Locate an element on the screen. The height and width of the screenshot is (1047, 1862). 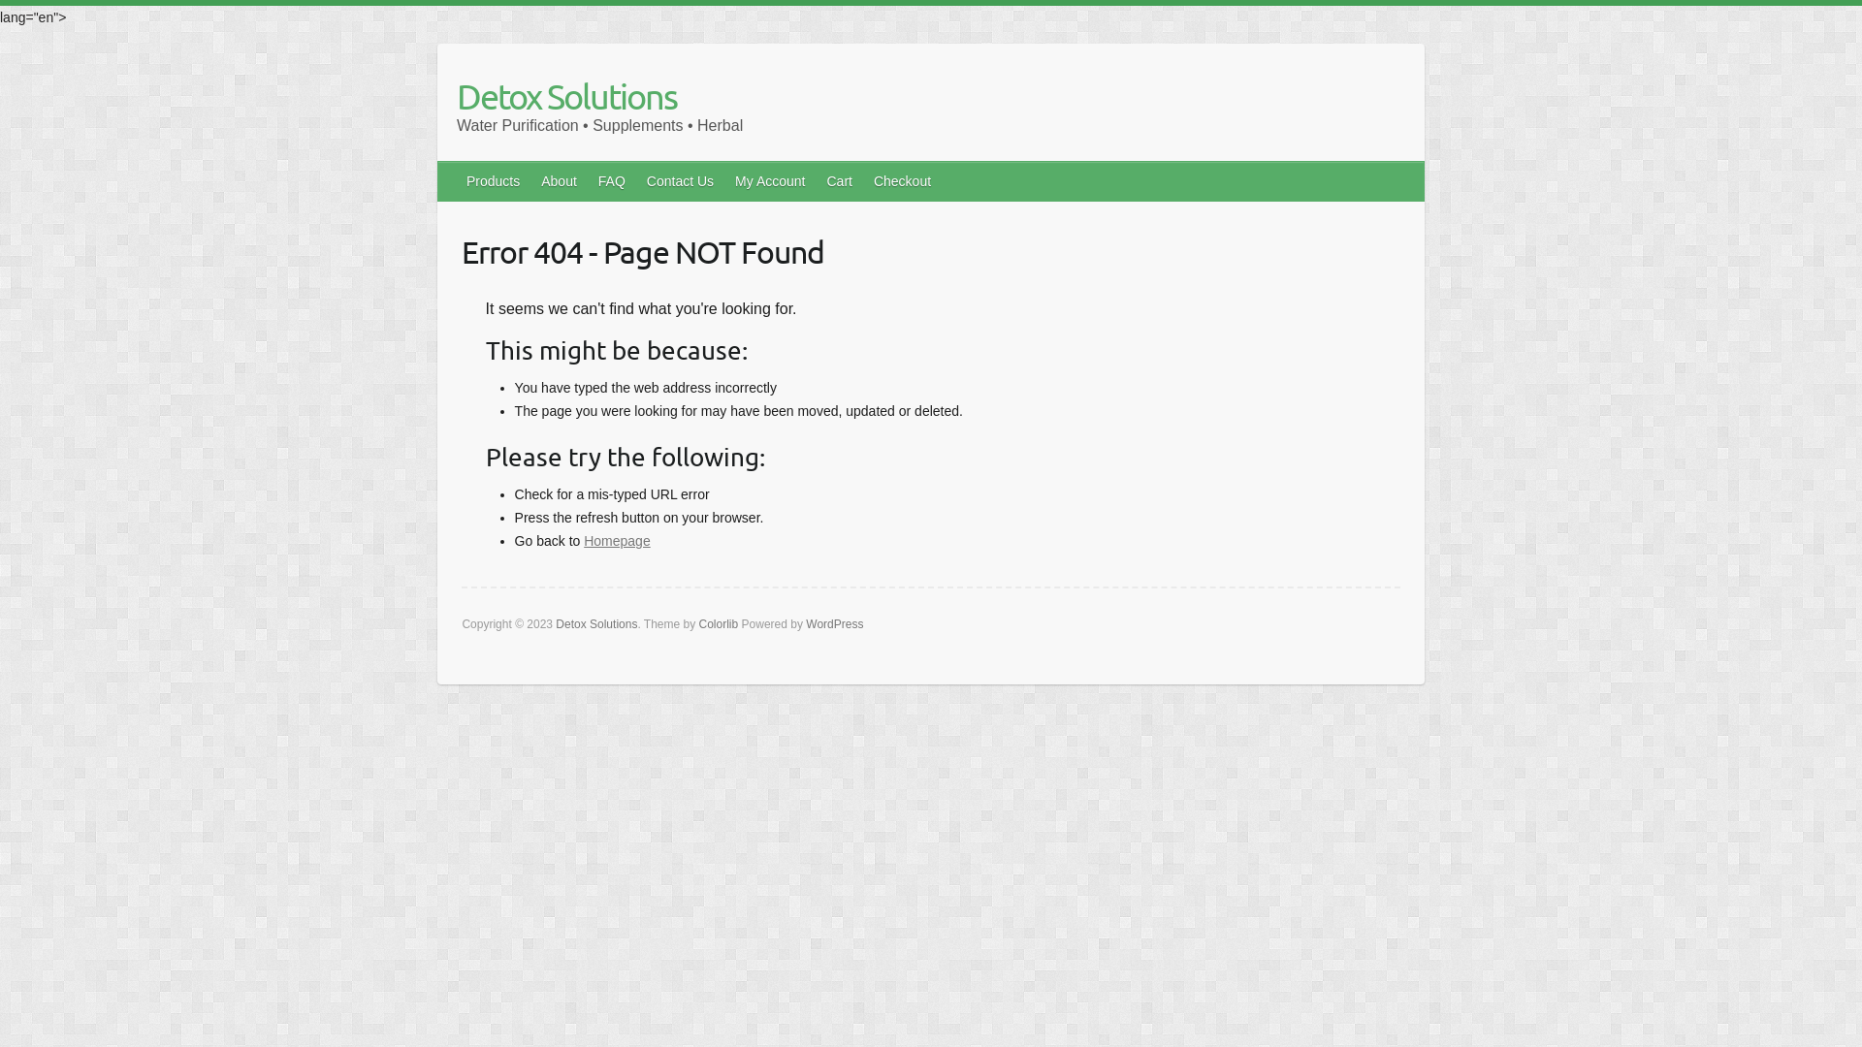
'FAQ' is located at coordinates (587, 180).